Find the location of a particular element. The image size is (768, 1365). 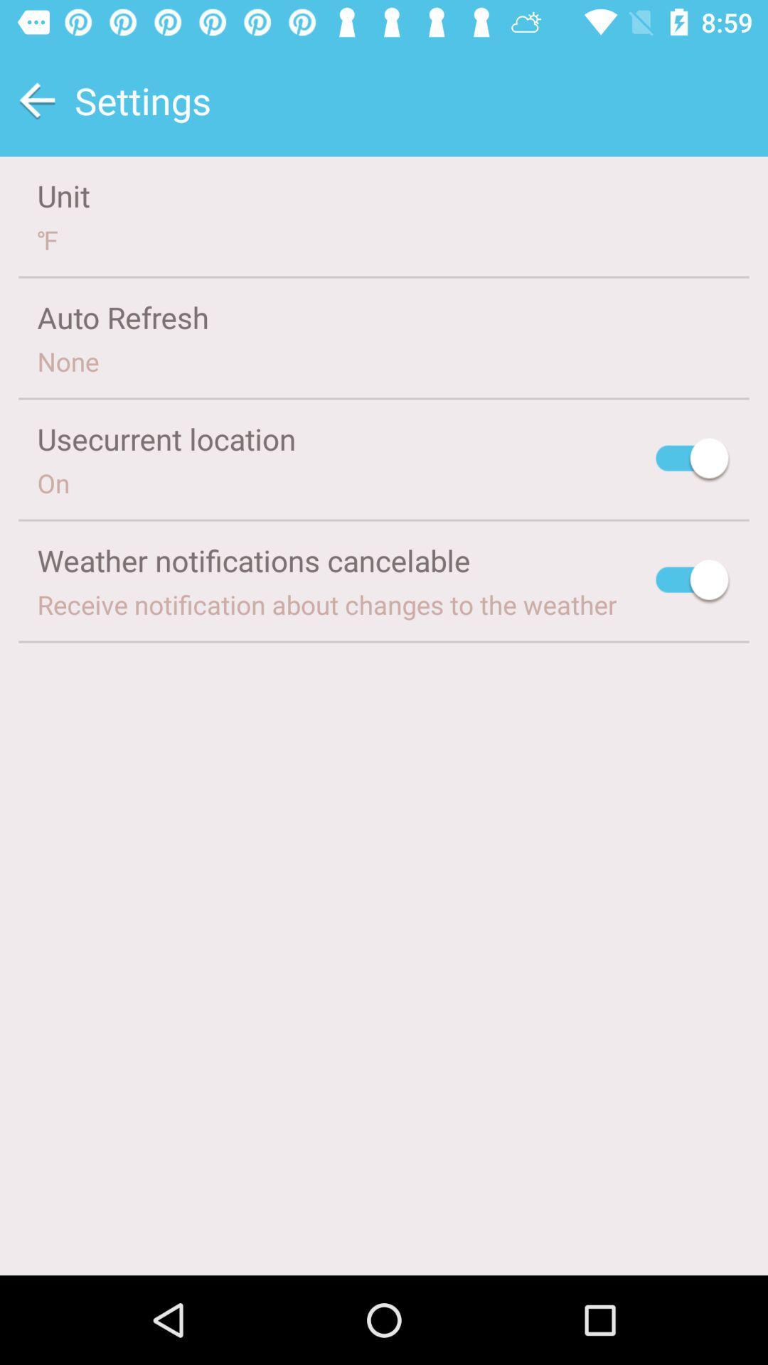

item above unit is located at coordinates (36, 100).